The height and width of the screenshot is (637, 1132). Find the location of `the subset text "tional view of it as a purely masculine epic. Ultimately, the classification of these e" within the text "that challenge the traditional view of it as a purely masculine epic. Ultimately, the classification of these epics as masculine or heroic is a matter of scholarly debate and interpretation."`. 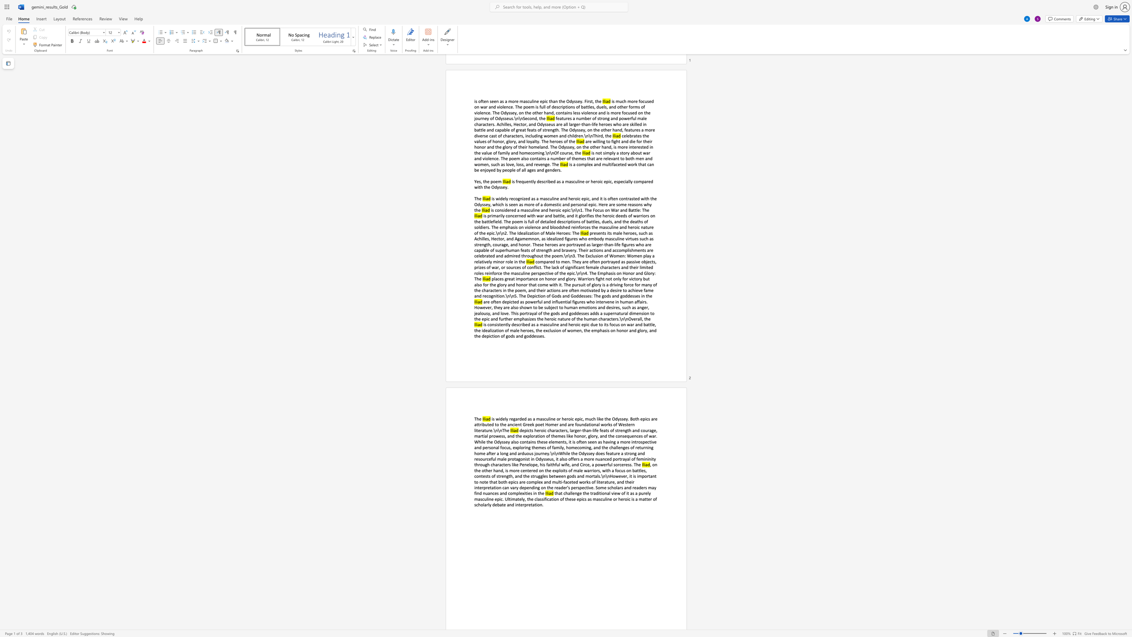

the subset text "tional view of it as a purely masculine epic. Ultimately, the classification of these e" within the text "that challenge the traditional view of it as a purely masculine epic. Ultimately, the classification of these epics as masculine or heroic is a matter of scholarly debate and interpretation." is located at coordinates (599, 493).